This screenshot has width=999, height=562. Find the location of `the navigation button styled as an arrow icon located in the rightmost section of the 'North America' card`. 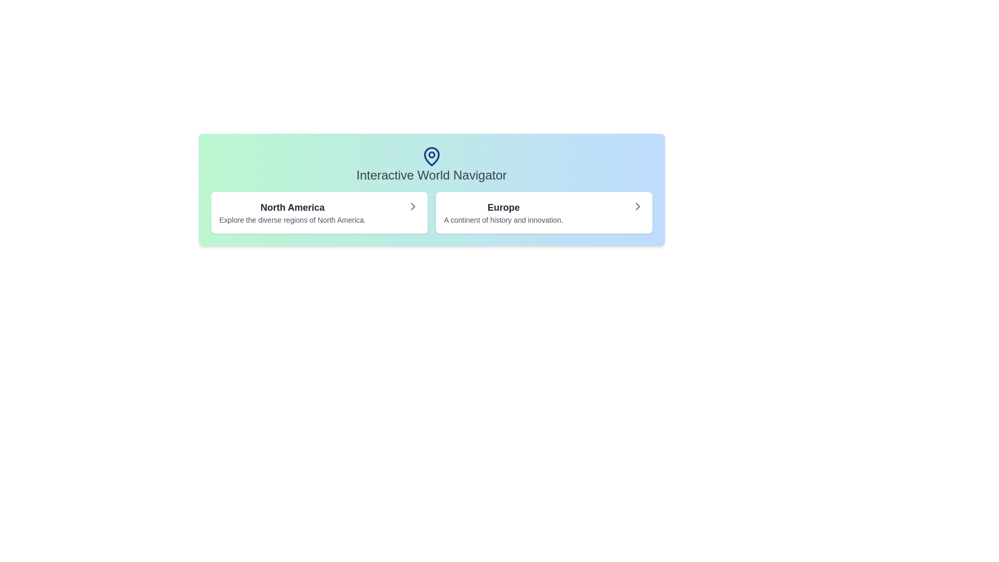

the navigation button styled as an arrow icon located in the rightmost section of the 'North America' card is located at coordinates (412, 207).